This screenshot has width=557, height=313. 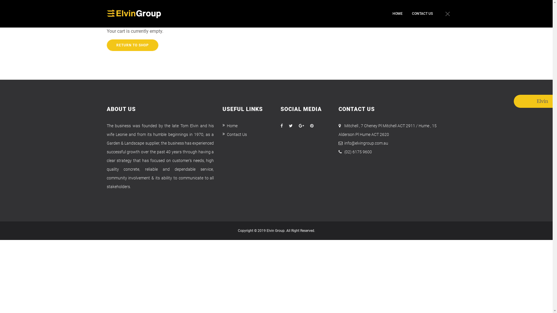 I want to click on 'Contact Us', so click(x=235, y=134).